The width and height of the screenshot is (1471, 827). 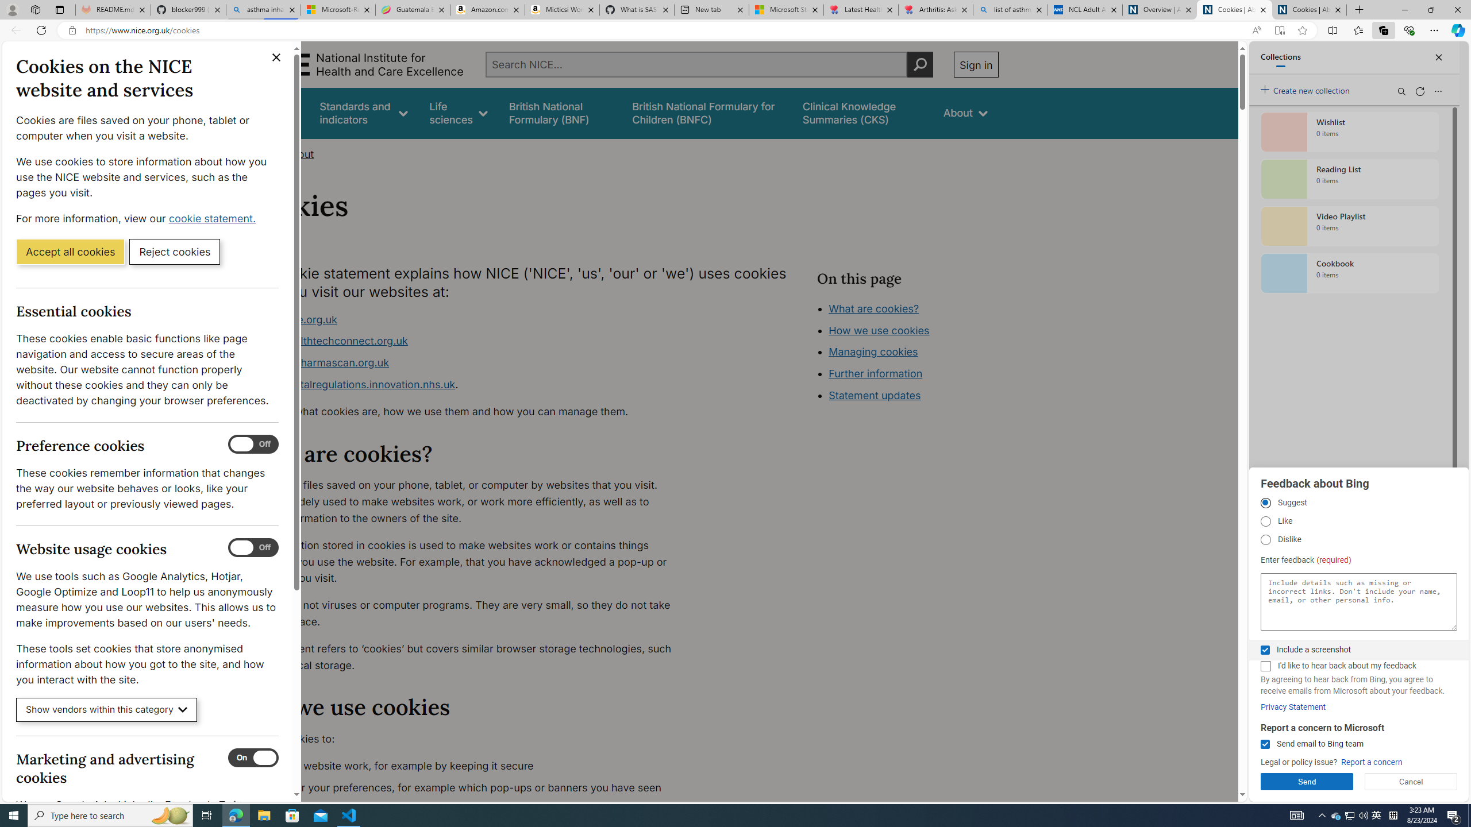 What do you see at coordinates (253, 444) in the screenshot?
I see `'Preference cookies'` at bounding box center [253, 444].